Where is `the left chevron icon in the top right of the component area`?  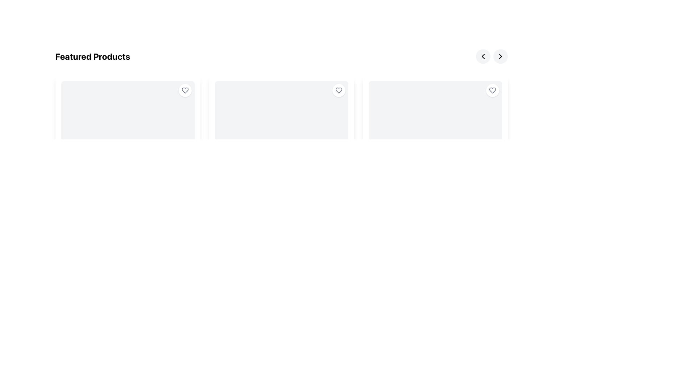 the left chevron icon in the top right of the component area is located at coordinates (483, 56).